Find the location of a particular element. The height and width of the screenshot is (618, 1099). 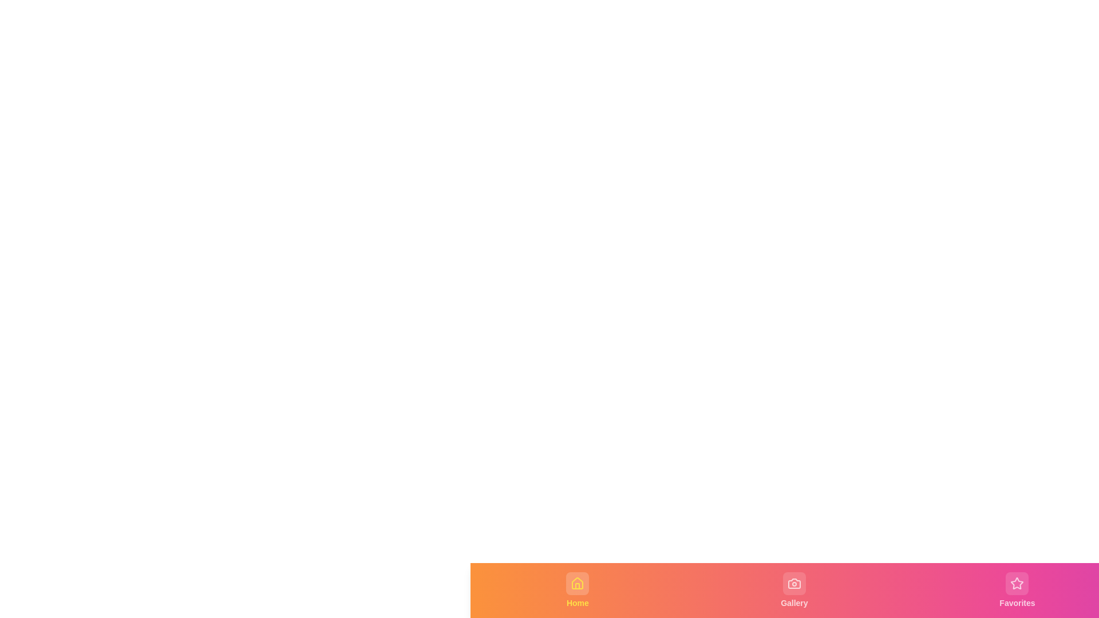

the Favorites tab to observe the visual feedback is located at coordinates (1017, 591).